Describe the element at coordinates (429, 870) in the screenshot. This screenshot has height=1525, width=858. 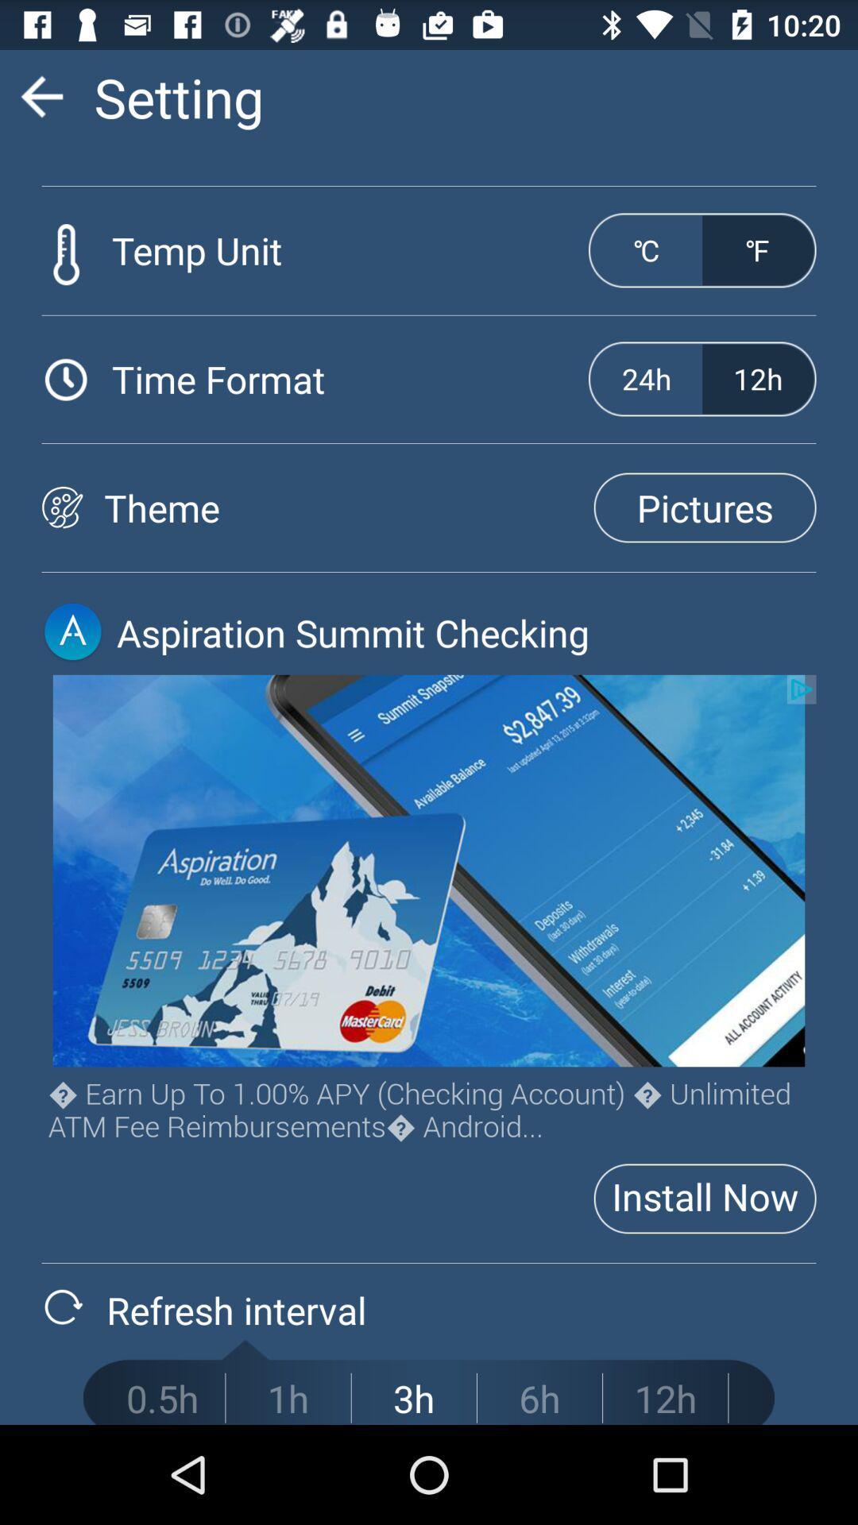
I see `image below aspiration summit checking` at that location.